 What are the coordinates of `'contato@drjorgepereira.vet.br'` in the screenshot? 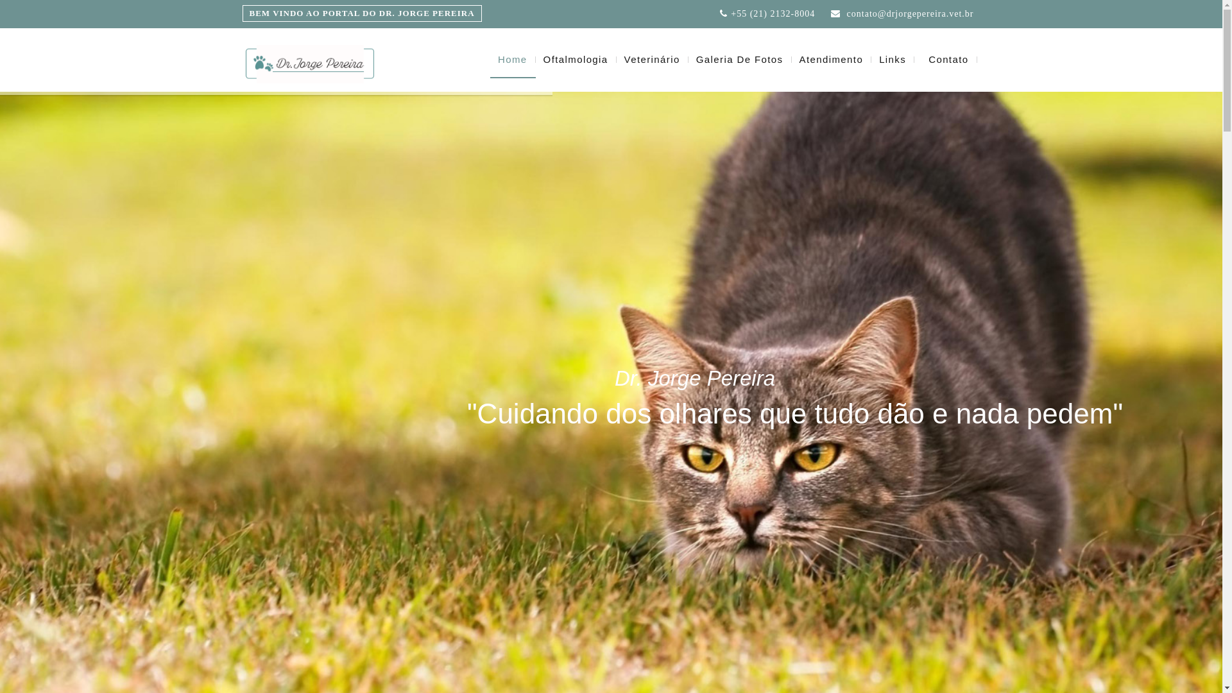 It's located at (908, 13).